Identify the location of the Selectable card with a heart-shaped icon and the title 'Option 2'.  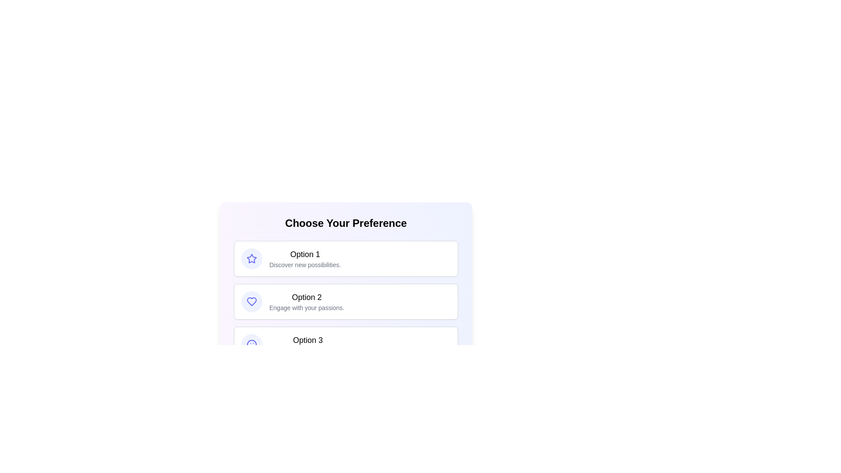
(346, 300).